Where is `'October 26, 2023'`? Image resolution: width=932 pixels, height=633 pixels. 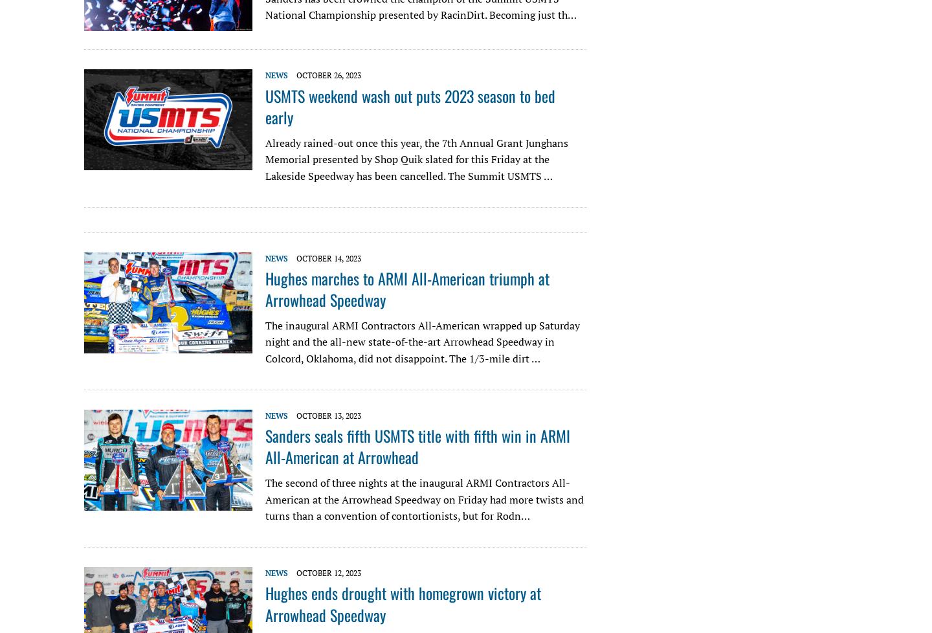
'October 26, 2023' is located at coordinates (328, 75).